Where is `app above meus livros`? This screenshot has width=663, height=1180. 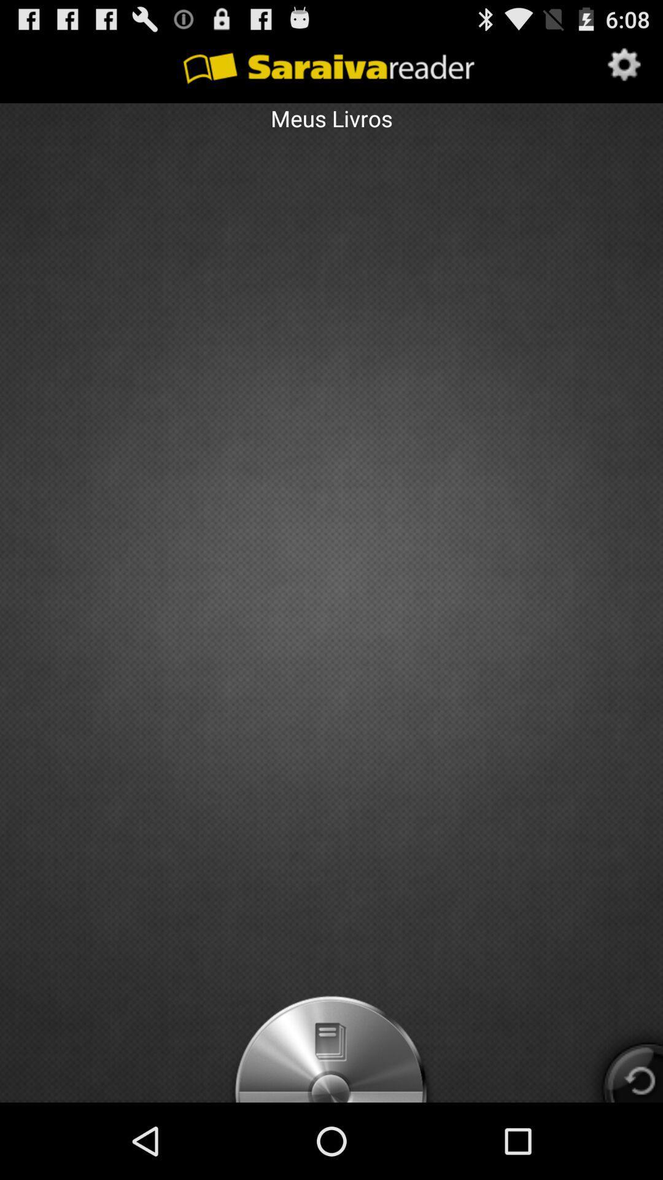 app above meus livros is located at coordinates (625, 65).